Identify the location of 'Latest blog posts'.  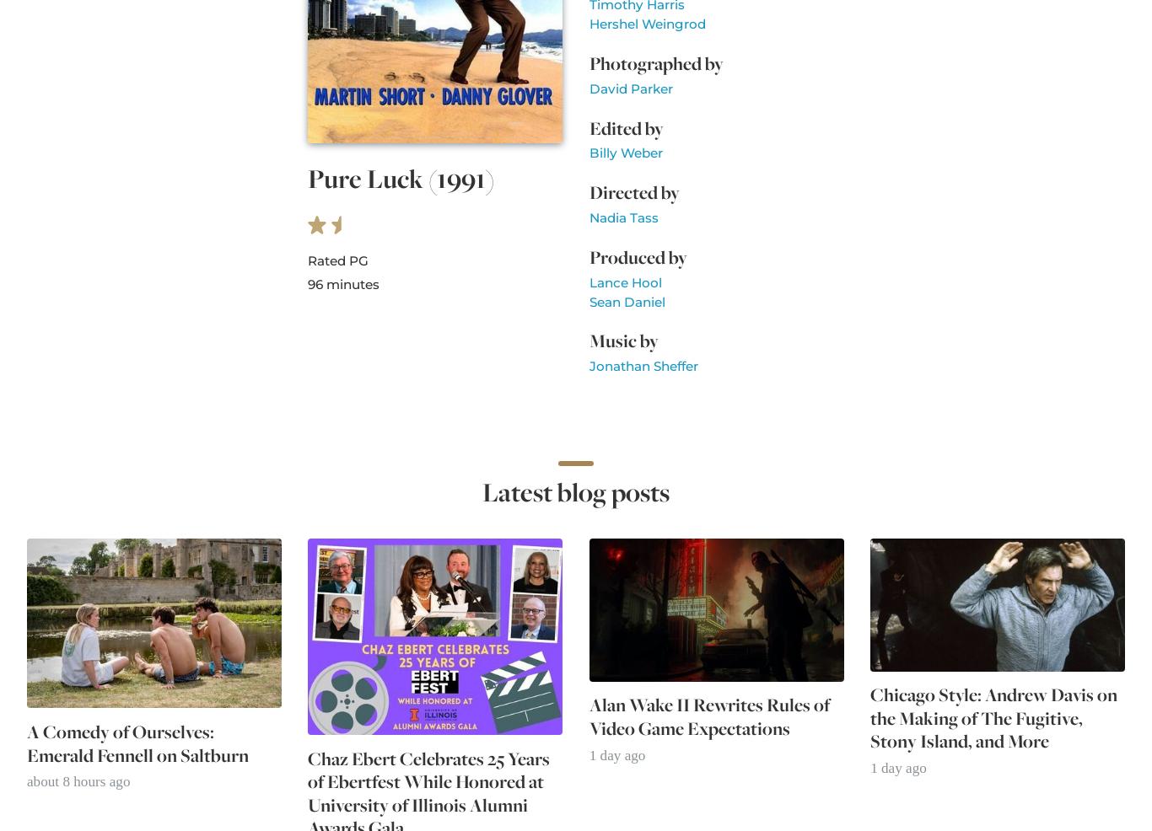
(576, 492).